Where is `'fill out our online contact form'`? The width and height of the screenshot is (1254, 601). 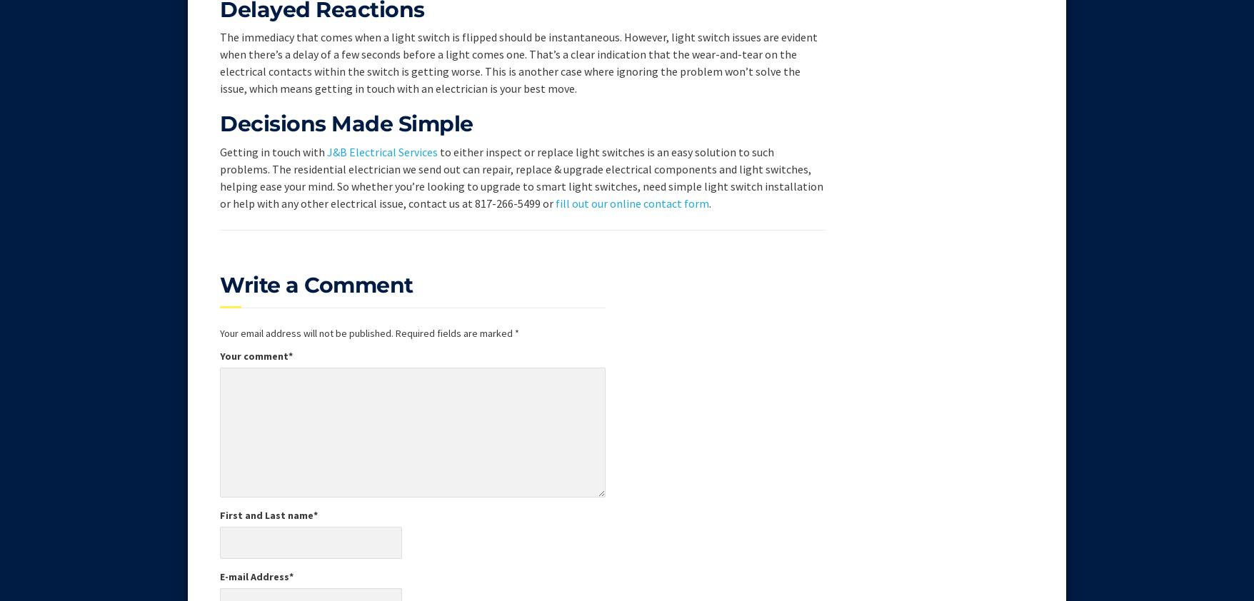
'fill out our online contact form' is located at coordinates (632, 203).